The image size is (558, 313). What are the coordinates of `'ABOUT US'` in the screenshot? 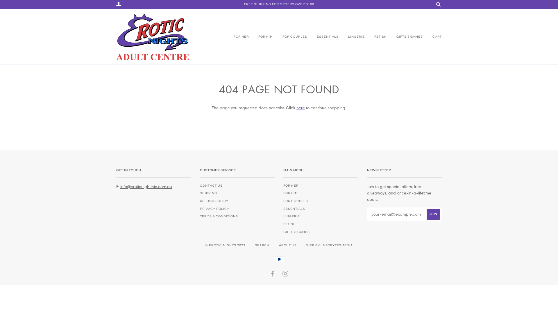 It's located at (288, 245).